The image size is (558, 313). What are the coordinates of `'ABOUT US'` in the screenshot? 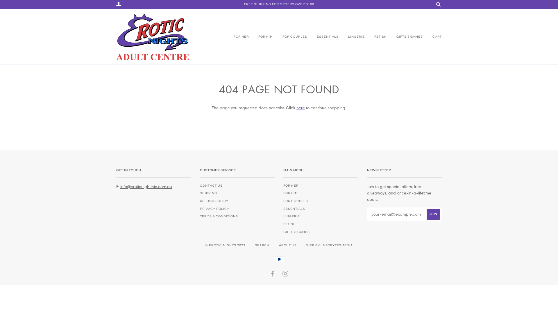 It's located at (288, 245).